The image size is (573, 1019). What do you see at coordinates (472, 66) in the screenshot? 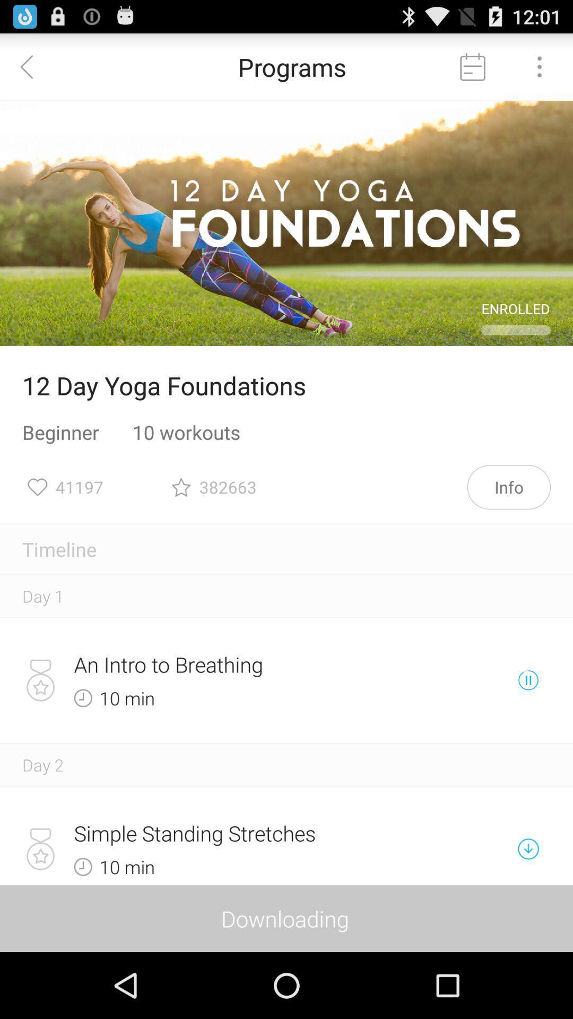
I see `calender` at bounding box center [472, 66].